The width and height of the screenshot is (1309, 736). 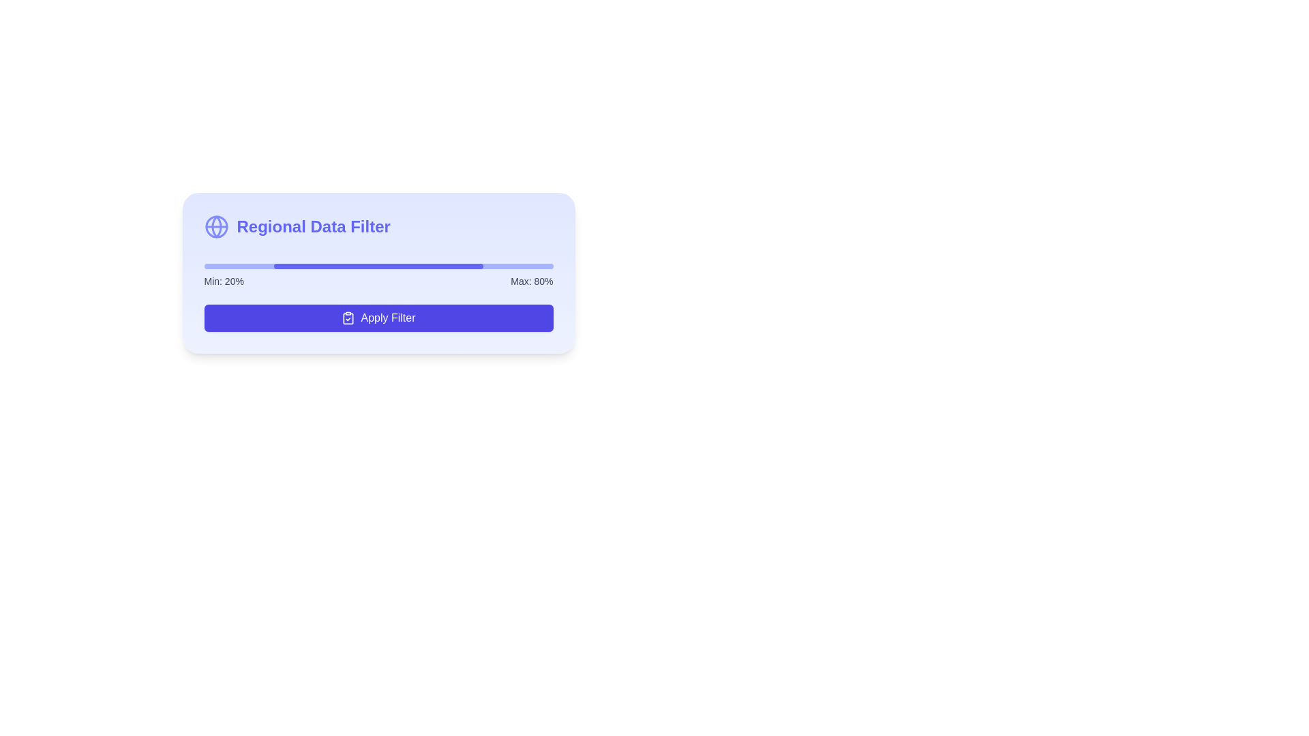 What do you see at coordinates (357, 263) in the screenshot?
I see `the slider` at bounding box center [357, 263].